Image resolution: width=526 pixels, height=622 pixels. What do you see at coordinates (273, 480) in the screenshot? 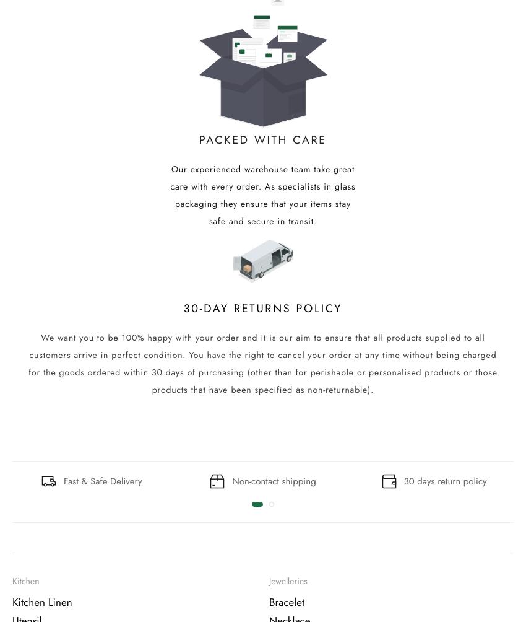
I see `'Non-contact shipping'` at bounding box center [273, 480].